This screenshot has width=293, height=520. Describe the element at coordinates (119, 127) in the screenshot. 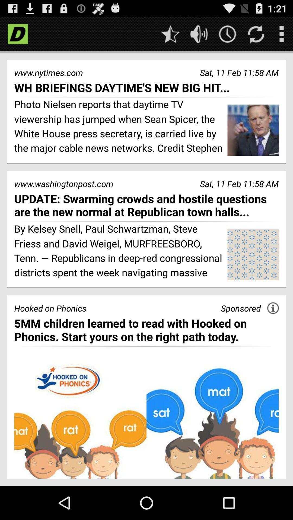

I see `the photo nielsen reports` at that location.